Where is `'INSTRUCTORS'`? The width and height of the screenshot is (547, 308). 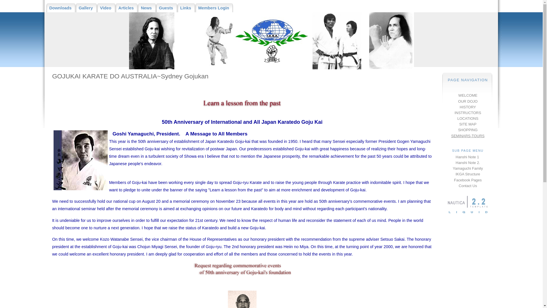 'INSTRUCTORS' is located at coordinates (468, 113).